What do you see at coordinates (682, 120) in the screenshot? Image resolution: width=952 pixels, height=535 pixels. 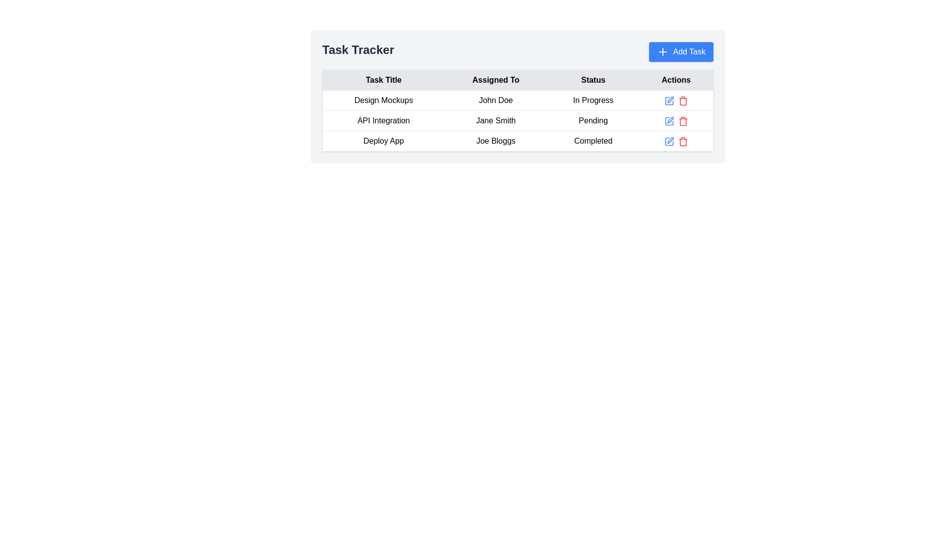 I see `the delete IconButton for the task titled 'API Integration' using keyboard shortcuts and activate it` at bounding box center [682, 120].